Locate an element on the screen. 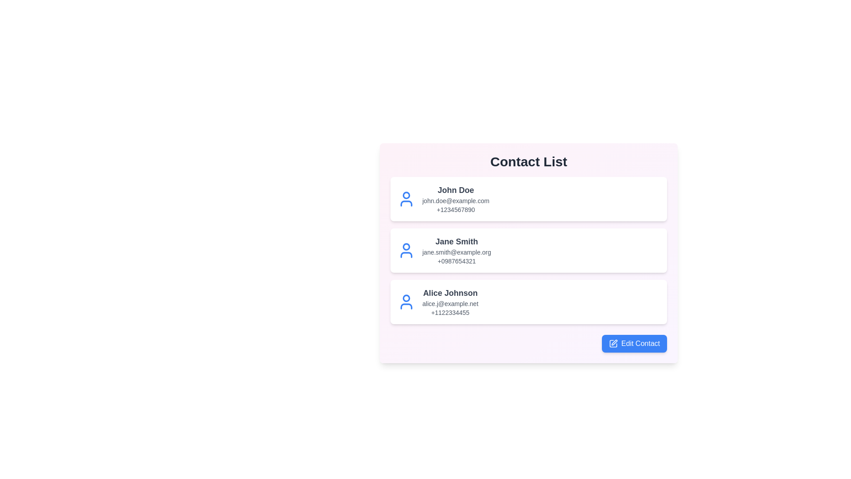 The image size is (851, 479). the contact Jane Smith from the list is located at coordinates (529, 250).